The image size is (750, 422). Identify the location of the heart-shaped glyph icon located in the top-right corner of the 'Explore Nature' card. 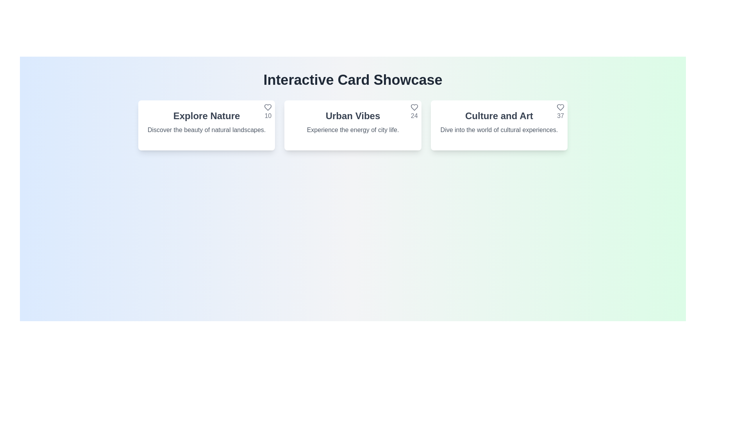
(268, 107).